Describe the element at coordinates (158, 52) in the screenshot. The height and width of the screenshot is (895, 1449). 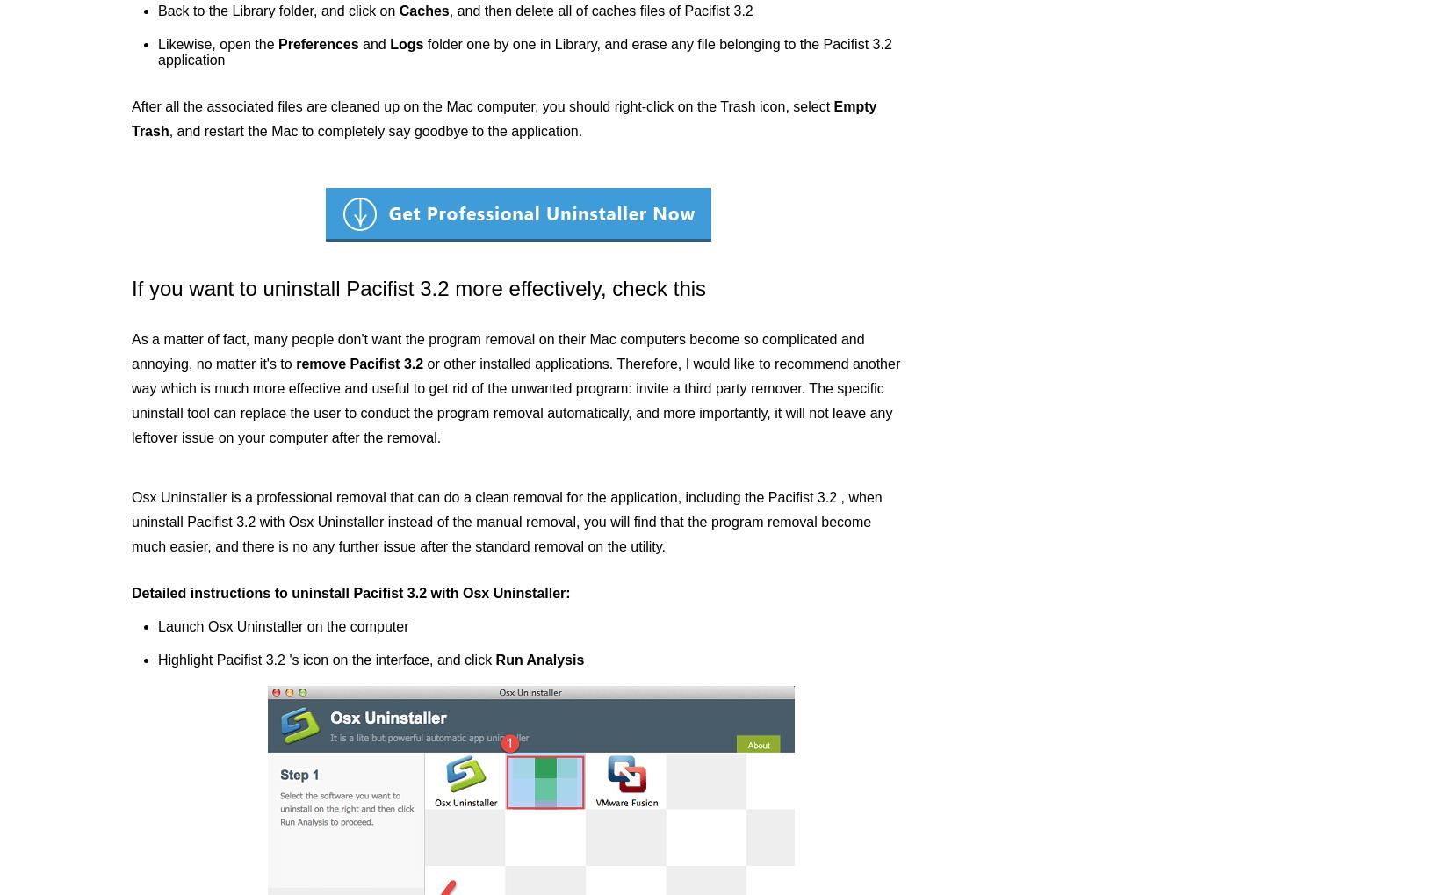
I see `'folder one by one in Library, and erase any file belonging to the Pacifist 3.2  application'` at that location.